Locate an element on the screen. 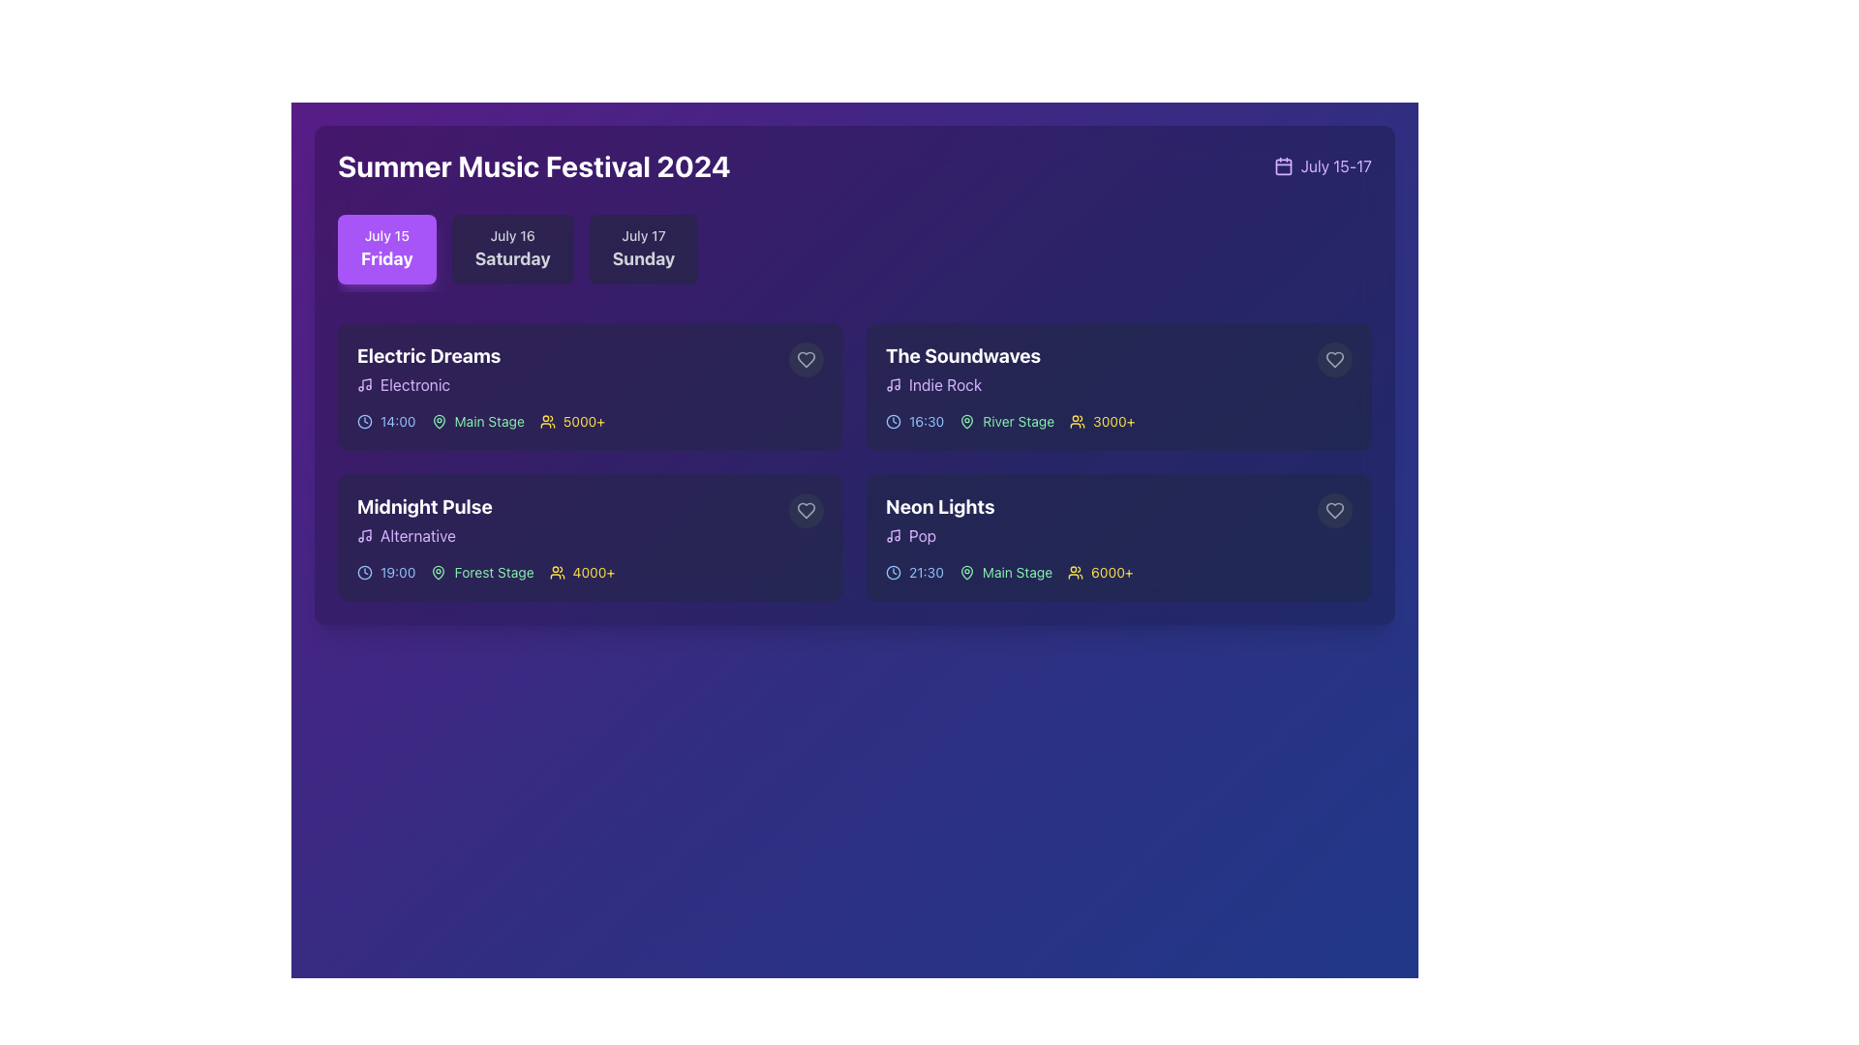 The image size is (1859, 1045). the schedule indicator icon located to the left of the time '16:30' under the event title 'The Soundwaves' is located at coordinates (892, 420).